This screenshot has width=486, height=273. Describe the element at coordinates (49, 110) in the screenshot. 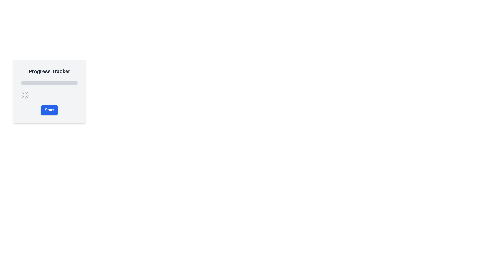

I see `the blue 'Start' button with white bold text to initiate its action` at that location.